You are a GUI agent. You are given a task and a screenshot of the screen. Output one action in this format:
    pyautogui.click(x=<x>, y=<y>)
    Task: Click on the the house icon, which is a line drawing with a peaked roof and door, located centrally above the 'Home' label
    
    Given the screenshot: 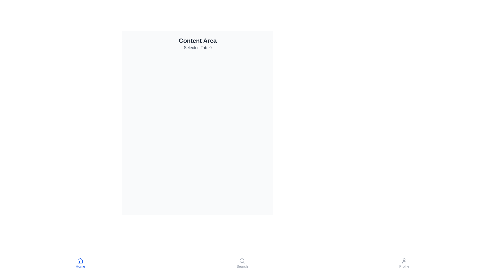 What is the action you would take?
    pyautogui.click(x=80, y=261)
    